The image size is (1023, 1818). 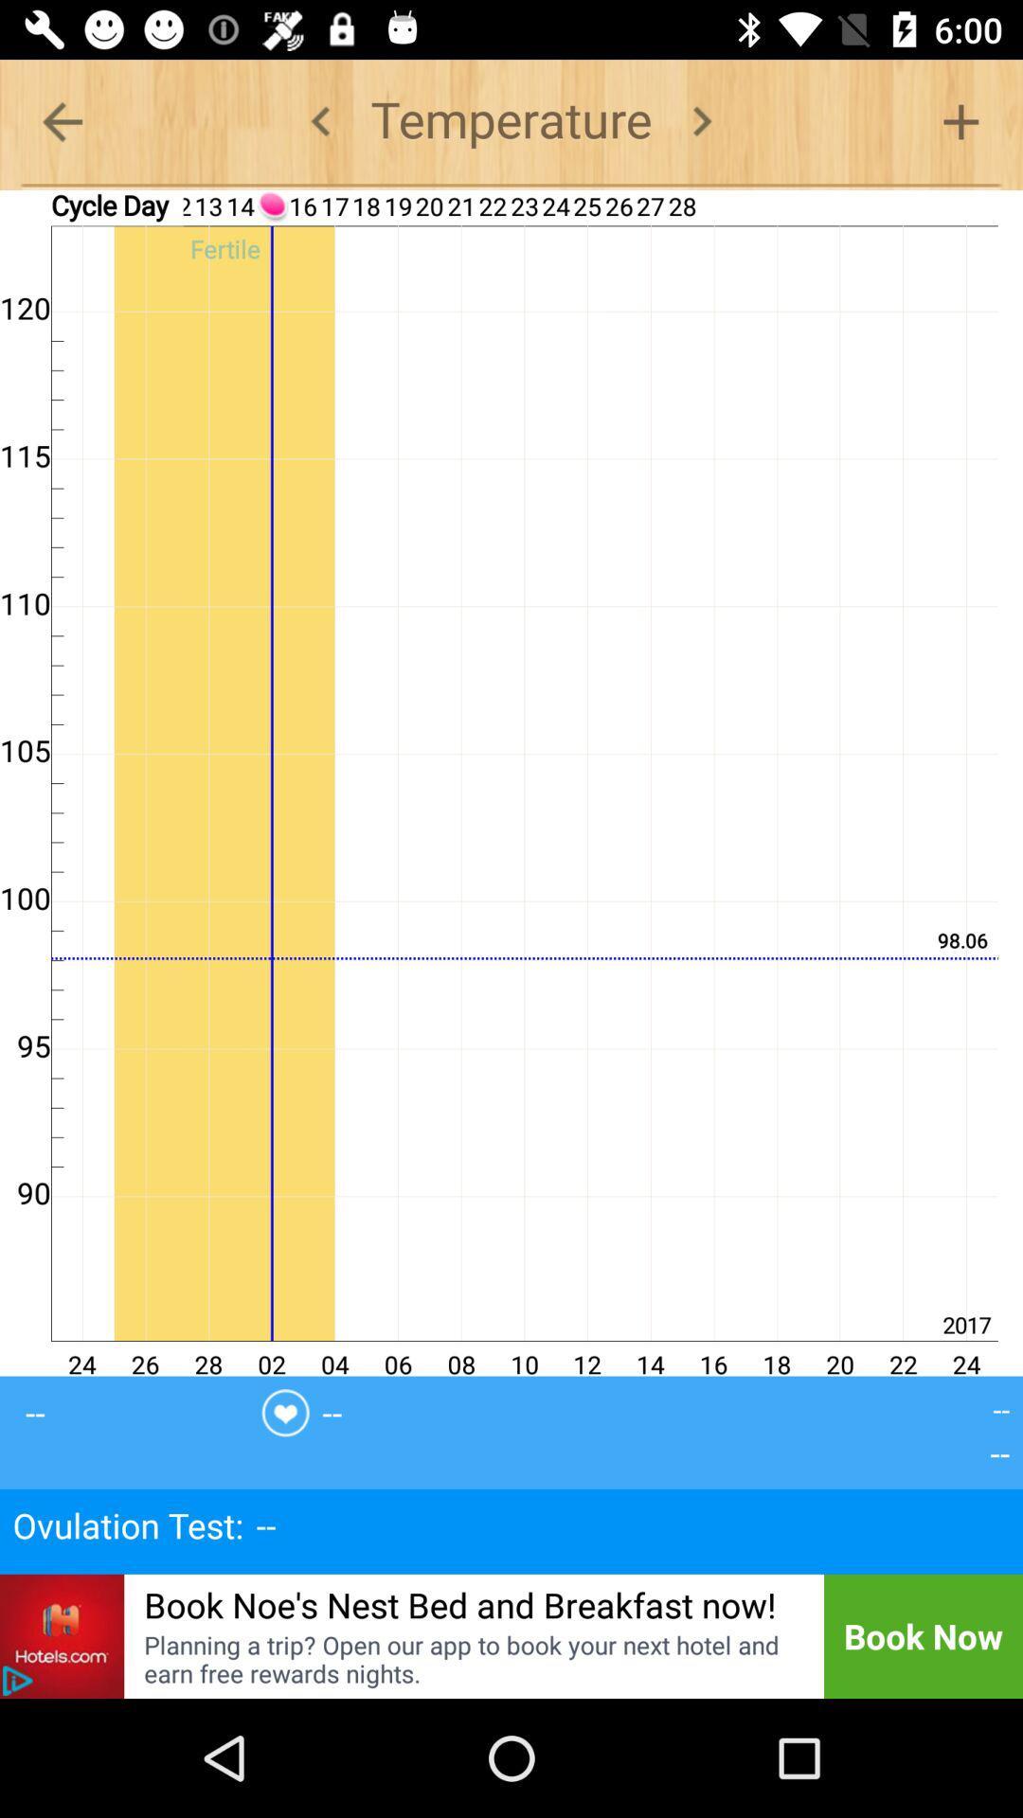 What do you see at coordinates (61, 1635) in the screenshot?
I see `icon below the ovulation test item` at bounding box center [61, 1635].